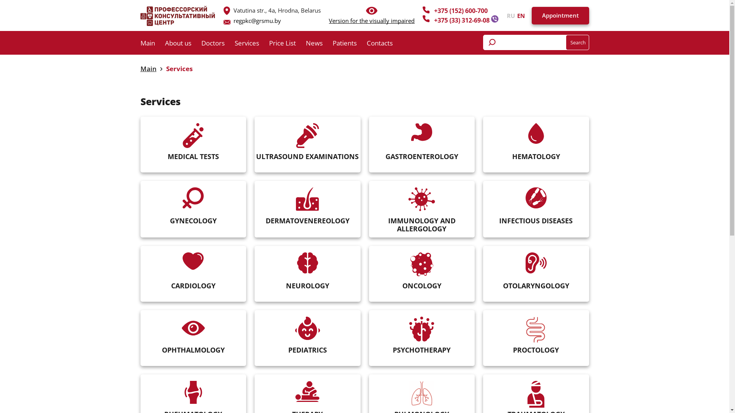 The height and width of the screenshot is (413, 735). I want to click on 'Doctors', so click(217, 44).